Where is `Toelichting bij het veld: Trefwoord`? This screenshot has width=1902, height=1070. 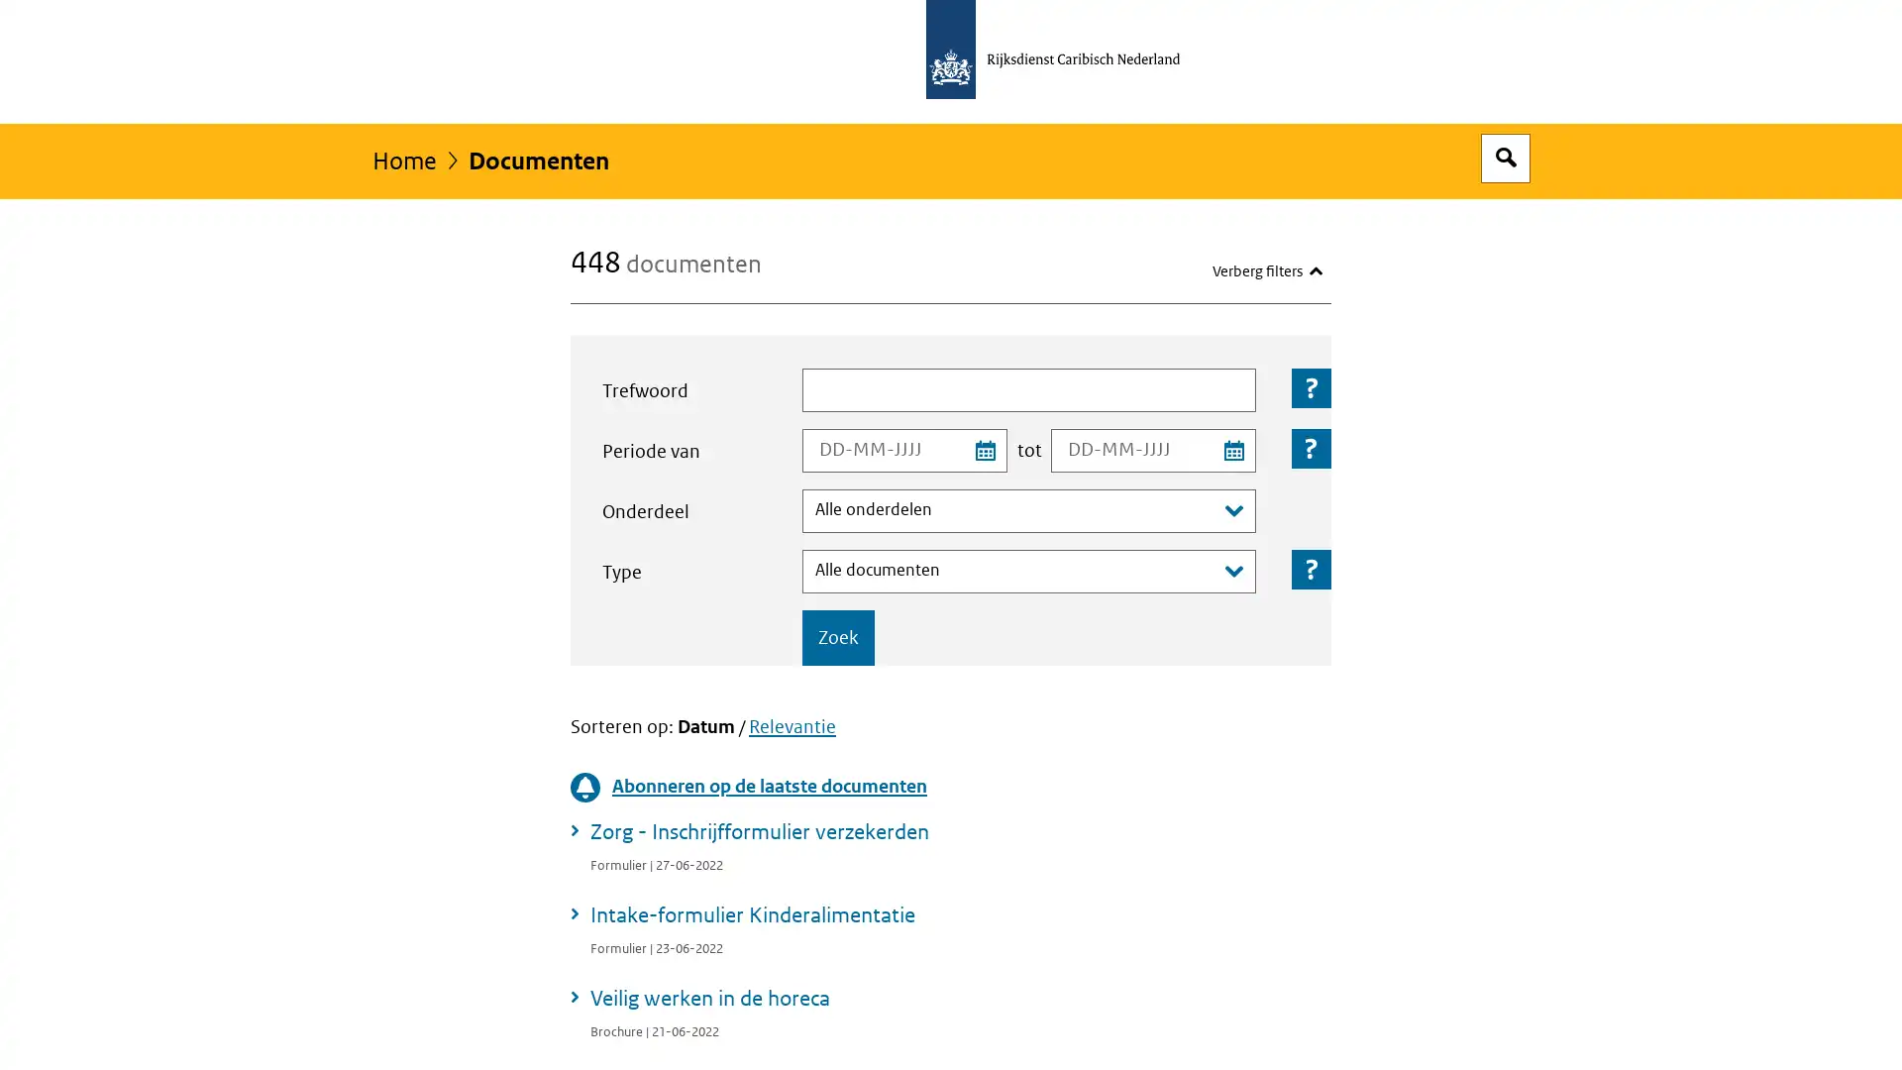
Toelichting bij het veld: Trefwoord is located at coordinates (1312, 386).